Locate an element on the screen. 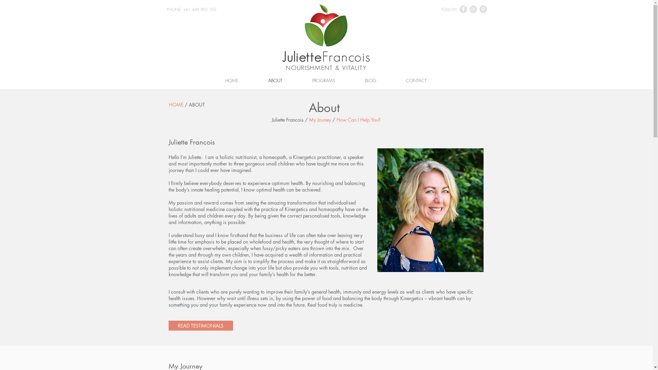  'BLOG' is located at coordinates (370, 80).